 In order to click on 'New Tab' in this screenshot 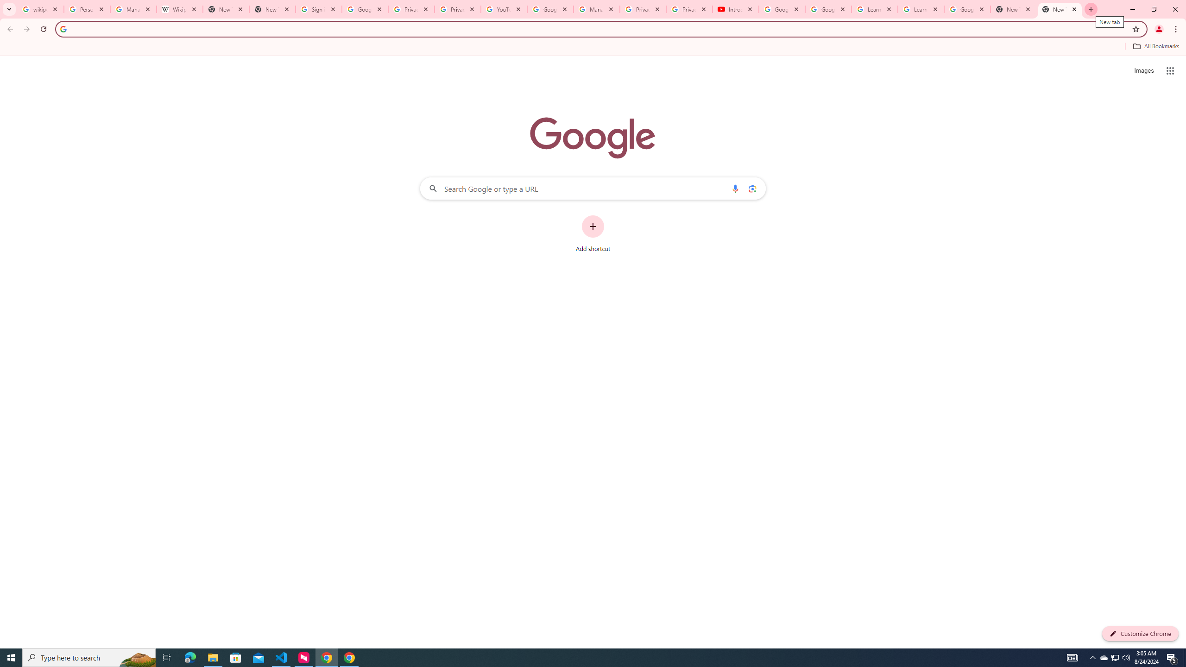, I will do `click(1060, 9)`.